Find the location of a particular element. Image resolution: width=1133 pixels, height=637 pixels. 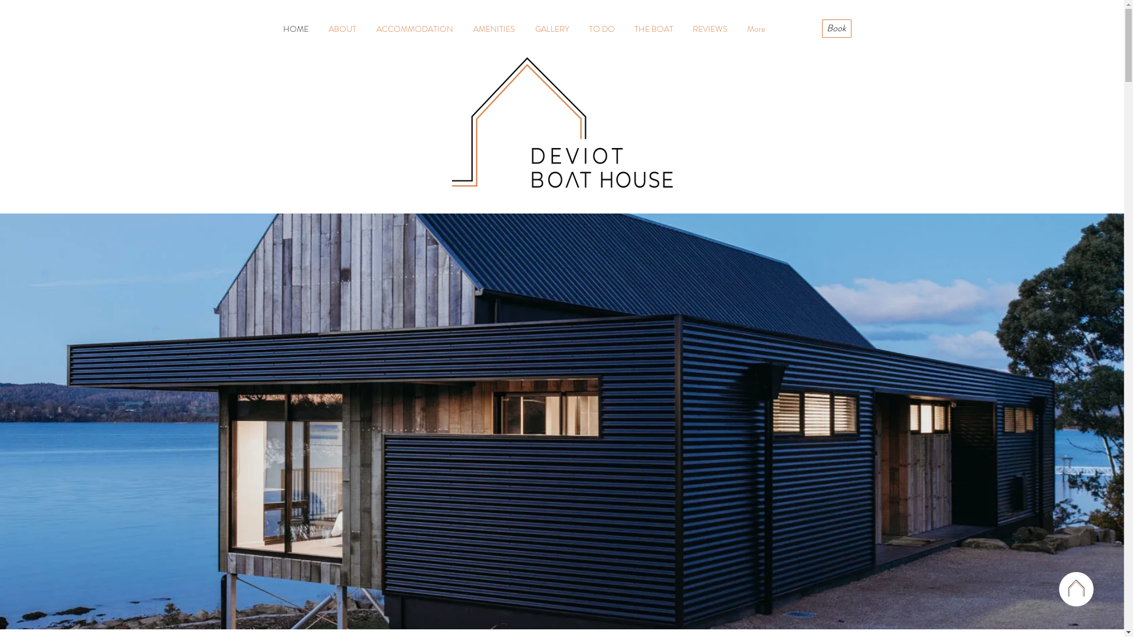

'Book' is located at coordinates (835, 28).